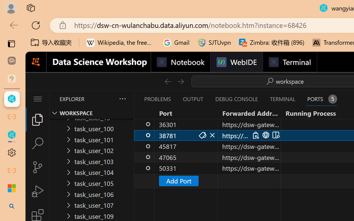 This screenshot has height=221, width=354. I want to click on 'Microsoft security help and learning', so click(12, 188).